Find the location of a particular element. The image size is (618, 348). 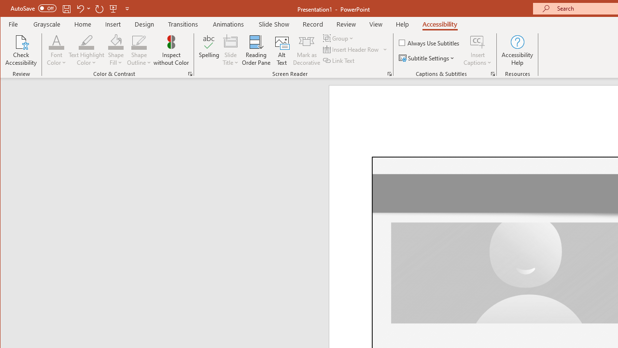

'Text Highlight Color' is located at coordinates (86, 41).